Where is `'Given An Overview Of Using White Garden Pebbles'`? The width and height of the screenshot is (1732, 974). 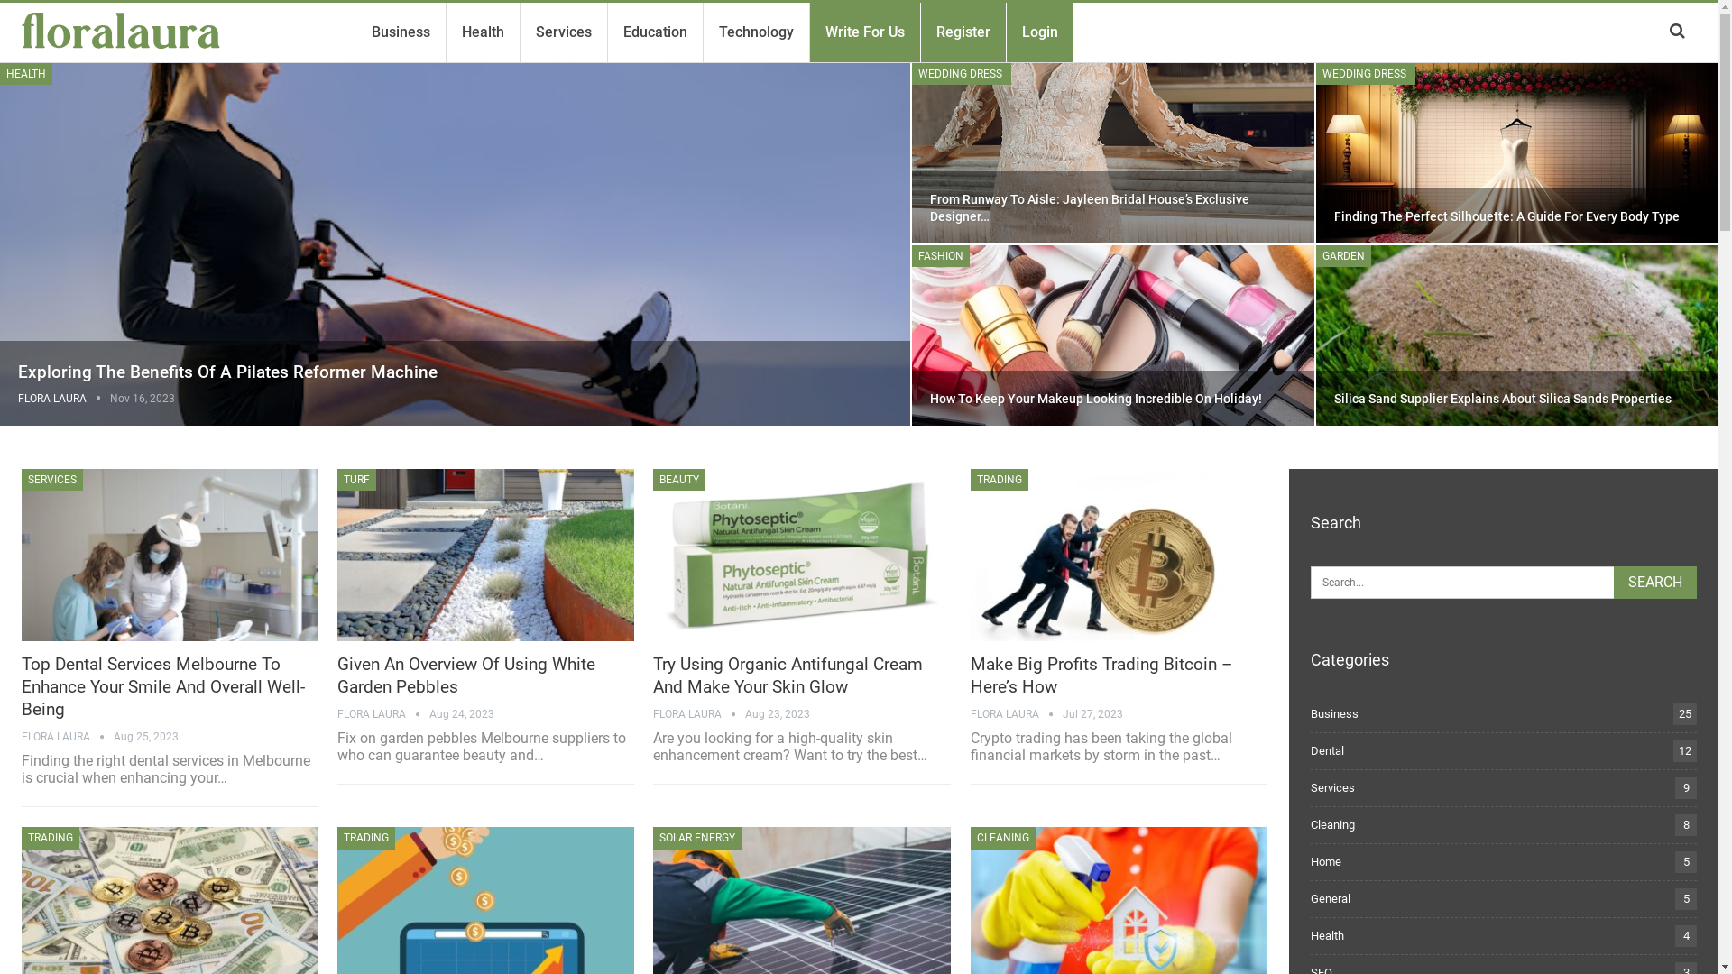 'Given An Overview Of Using White Garden Pebbles' is located at coordinates (466, 675).